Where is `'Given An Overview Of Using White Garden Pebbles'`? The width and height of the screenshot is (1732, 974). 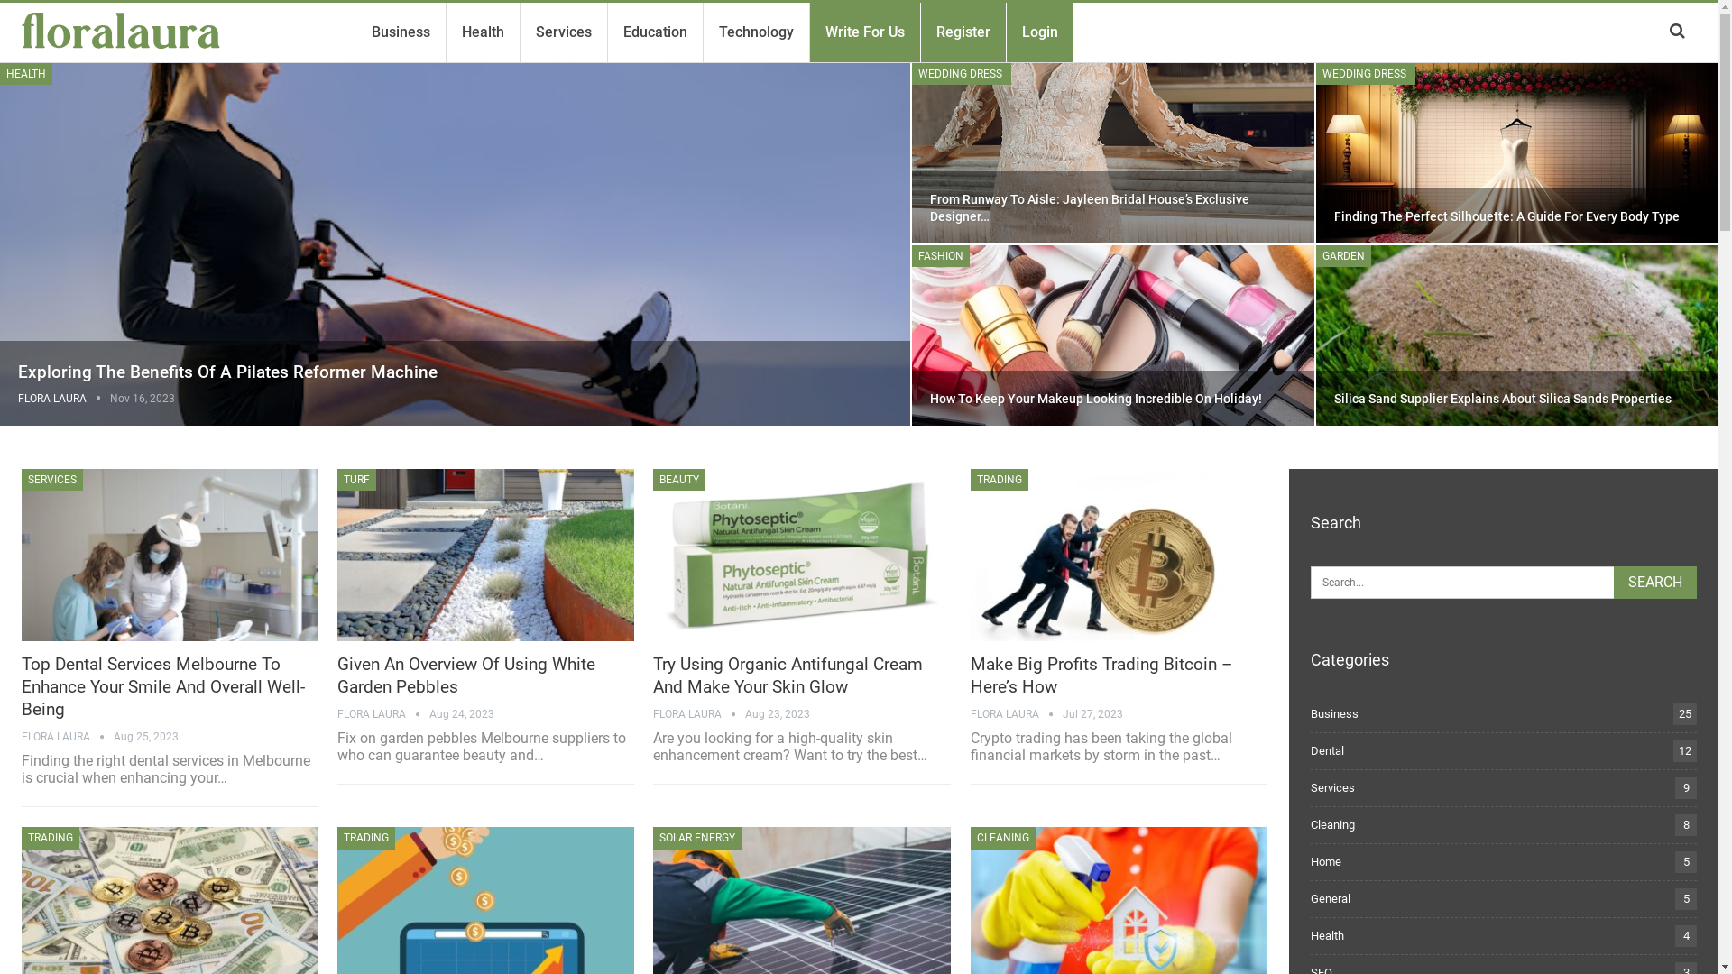 'Given An Overview Of Using White Garden Pebbles' is located at coordinates (466, 675).